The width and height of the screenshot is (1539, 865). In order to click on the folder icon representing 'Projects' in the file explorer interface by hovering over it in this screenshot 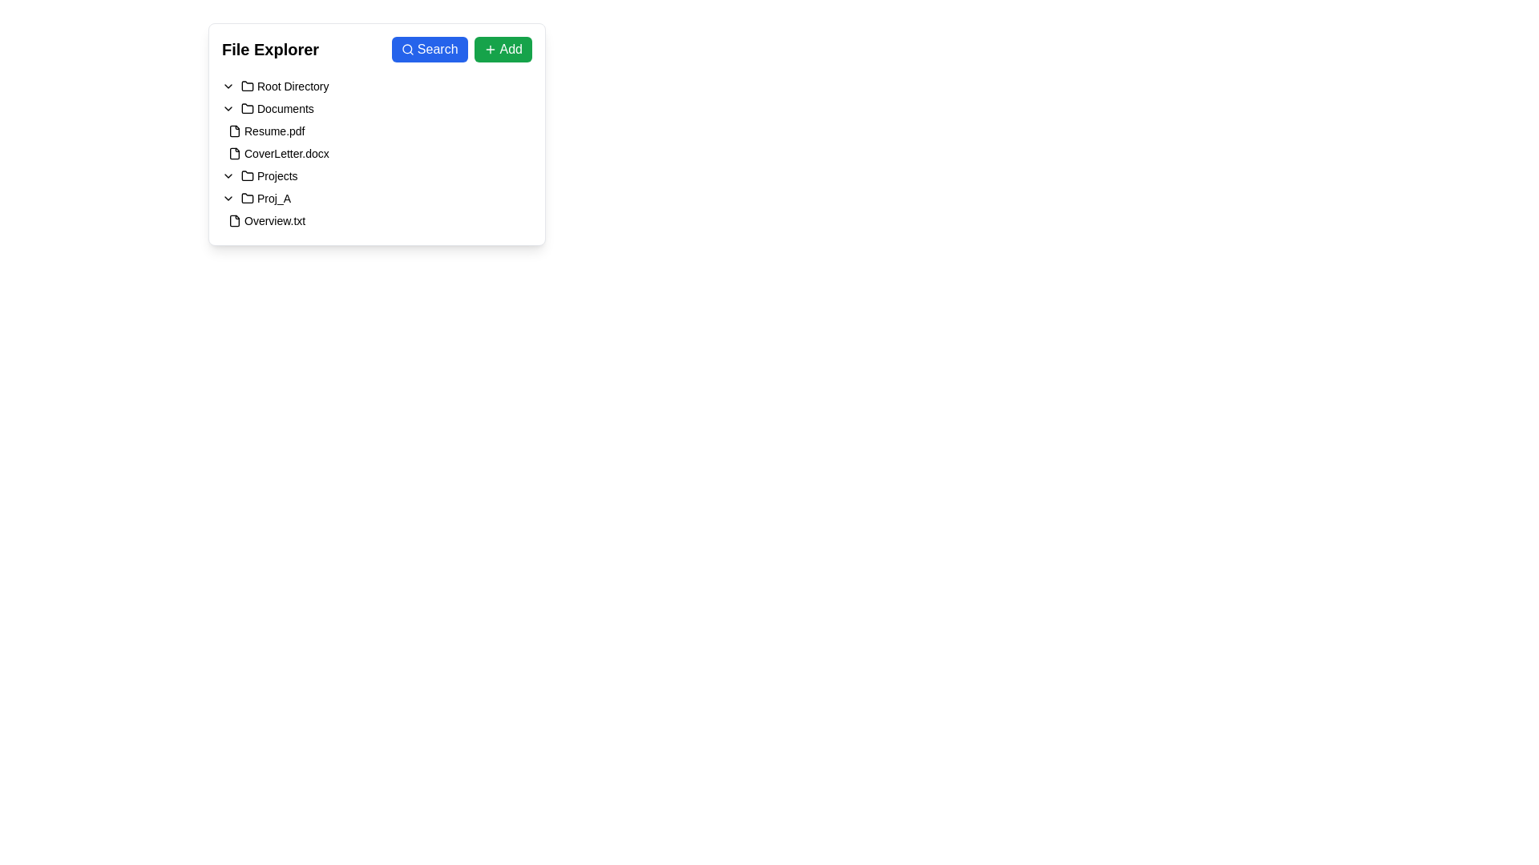, I will do `click(246, 175)`.